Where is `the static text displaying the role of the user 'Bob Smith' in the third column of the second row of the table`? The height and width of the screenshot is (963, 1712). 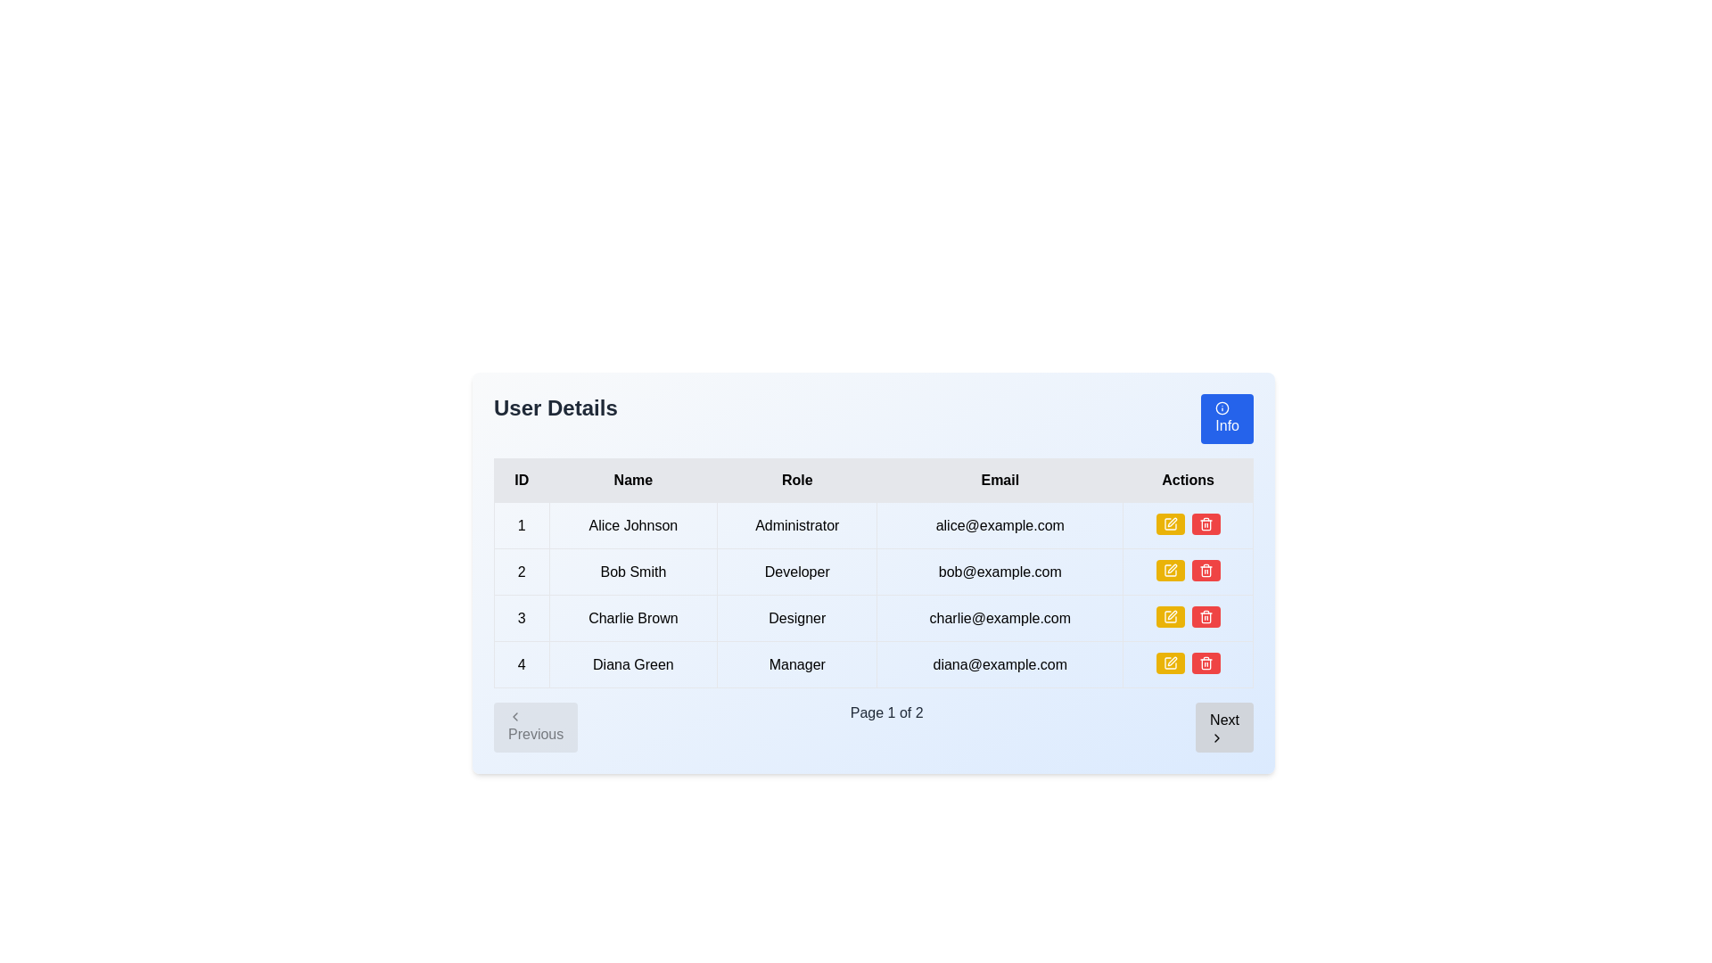
the static text displaying the role of the user 'Bob Smith' in the third column of the second row of the table is located at coordinates (796, 572).